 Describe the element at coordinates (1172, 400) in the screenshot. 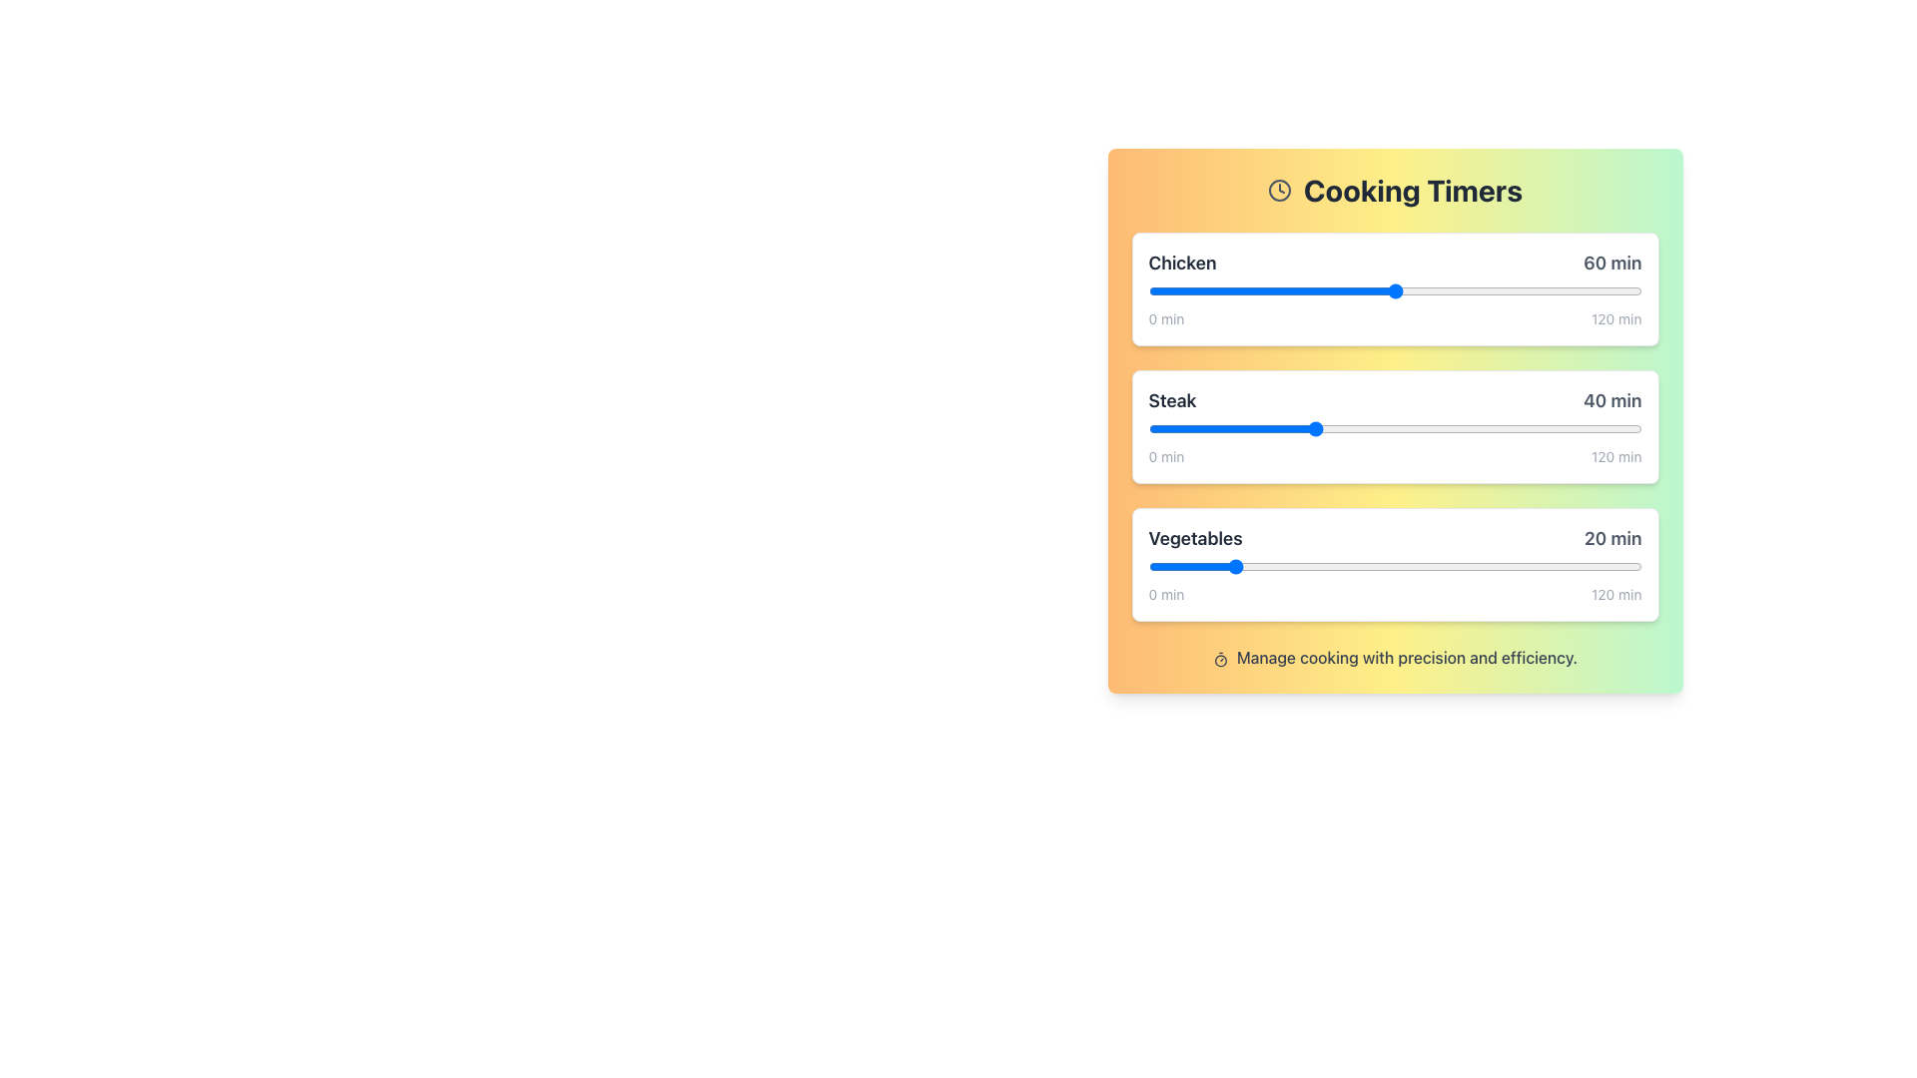

I see `the text label identifying the timer or settings for 'Steak', which is located in the second section of a vertical list of food items, aligned horizontally with '40 min'` at that location.